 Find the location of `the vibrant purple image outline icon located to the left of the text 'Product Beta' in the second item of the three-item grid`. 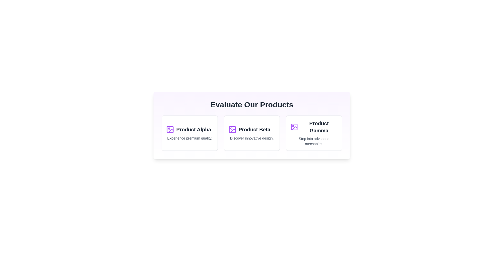

the vibrant purple image outline icon located to the left of the text 'Product Beta' in the second item of the three-item grid is located at coordinates (232, 129).